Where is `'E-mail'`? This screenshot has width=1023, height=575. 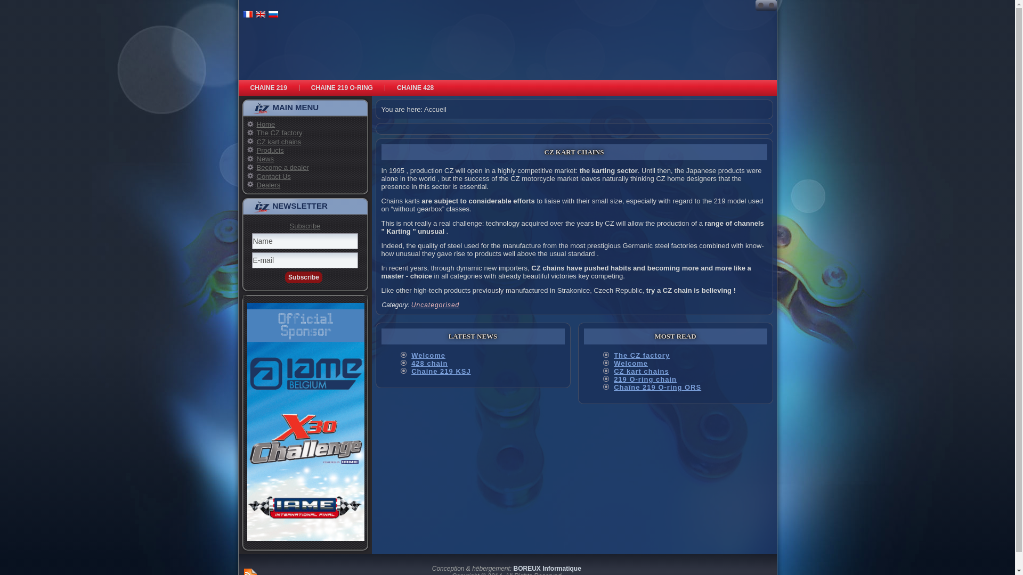 'E-mail' is located at coordinates (304, 260).